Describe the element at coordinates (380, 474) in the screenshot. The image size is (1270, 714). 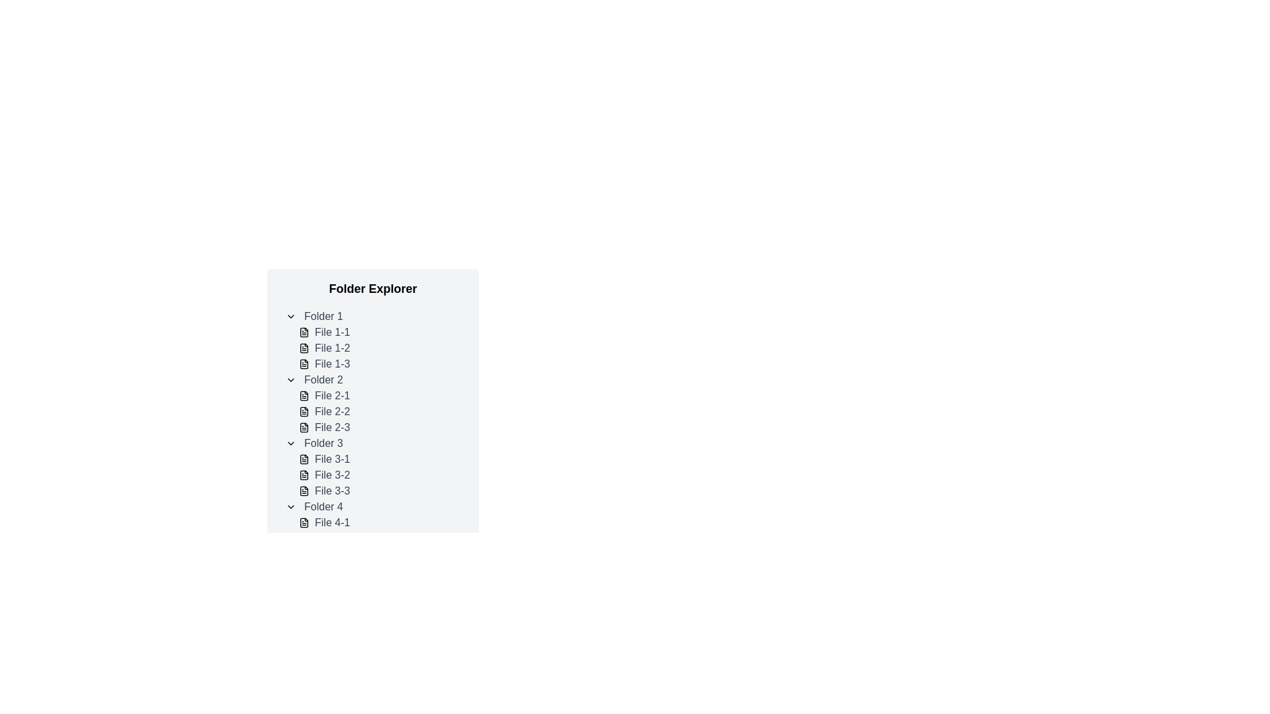
I see `the list item labeled 'File 3-2'` at that location.